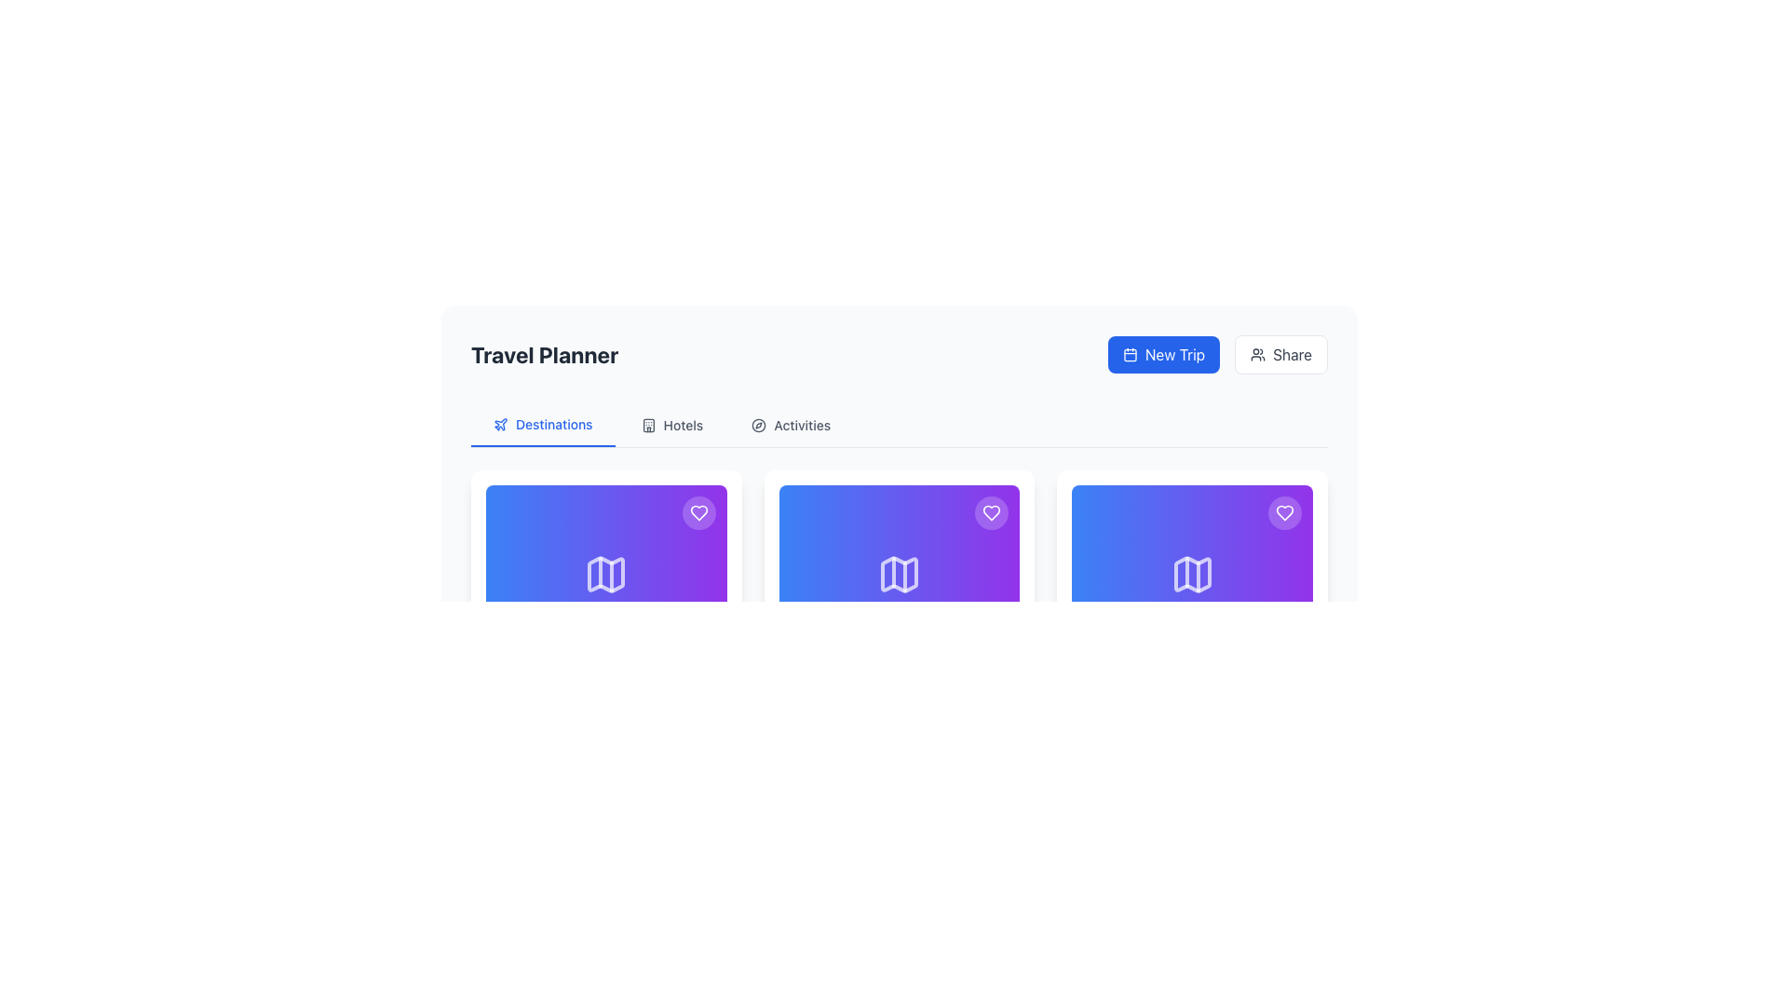 The height and width of the screenshot is (1006, 1788). Describe the element at coordinates (670, 425) in the screenshot. I see `the 'Hotels' navigation menu item, which is a gray text with a hotel icon, positioned between 'Destinations' and 'Activities' in the Travel Planner menu` at that location.